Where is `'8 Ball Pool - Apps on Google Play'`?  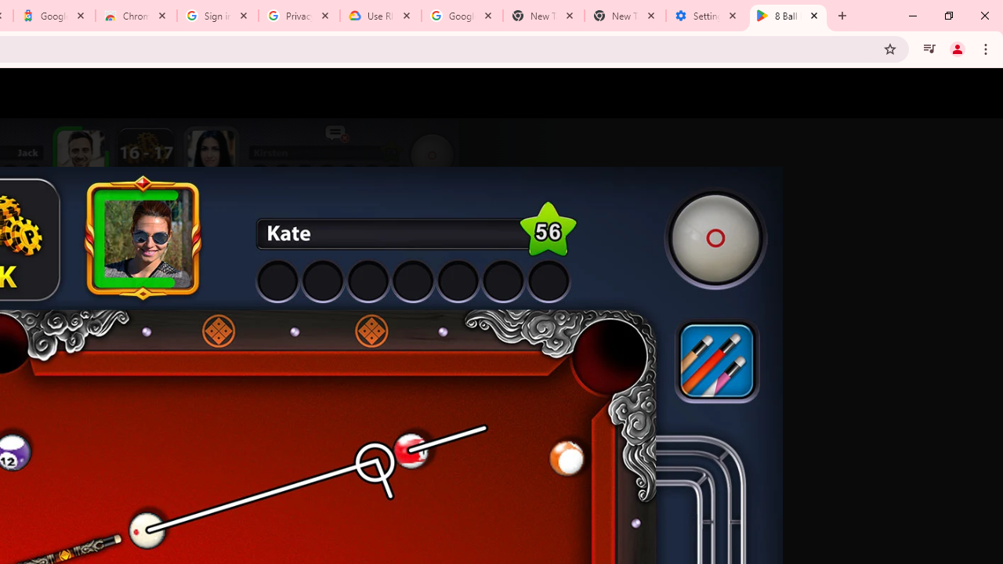
'8 Ball Pool - Apps on Google Play' is located at coordinates (788, 16).